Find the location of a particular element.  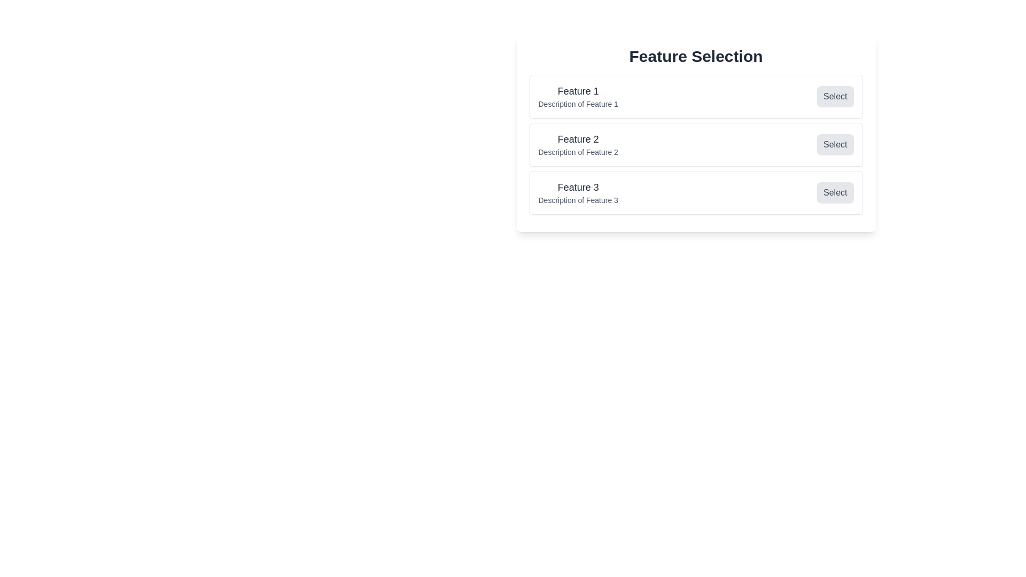

the text label displaying 'Feature 2', which is styled with a larger font size and dark gray color, positioned below 'Feature Selection' and above its description is located at coordinates (578, 139).